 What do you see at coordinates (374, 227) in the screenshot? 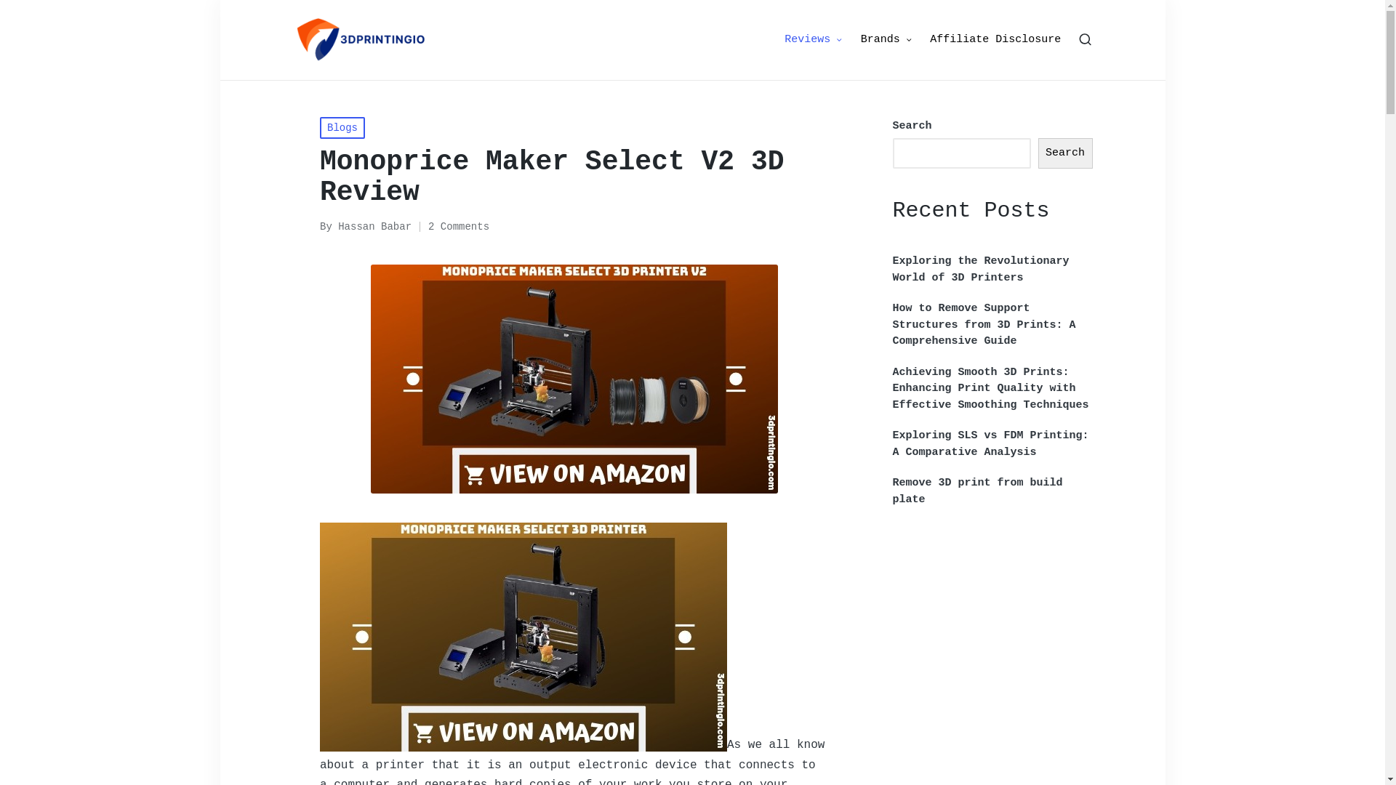
I see `'Hassan Babar'` at bounding box center [374, 227].